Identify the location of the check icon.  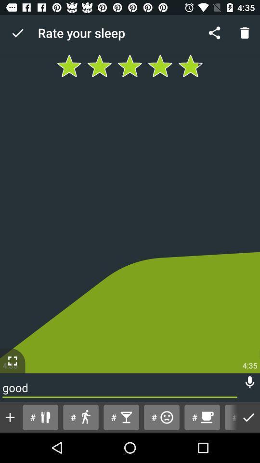
(248, 417).